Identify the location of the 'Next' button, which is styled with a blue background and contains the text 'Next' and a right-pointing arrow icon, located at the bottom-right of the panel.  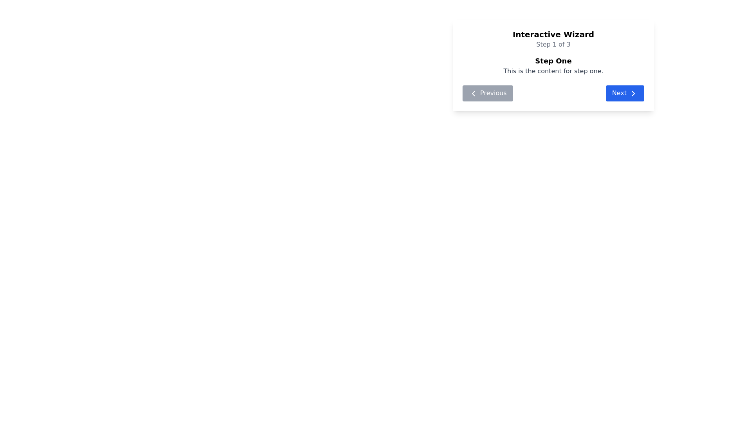
(624, 93).